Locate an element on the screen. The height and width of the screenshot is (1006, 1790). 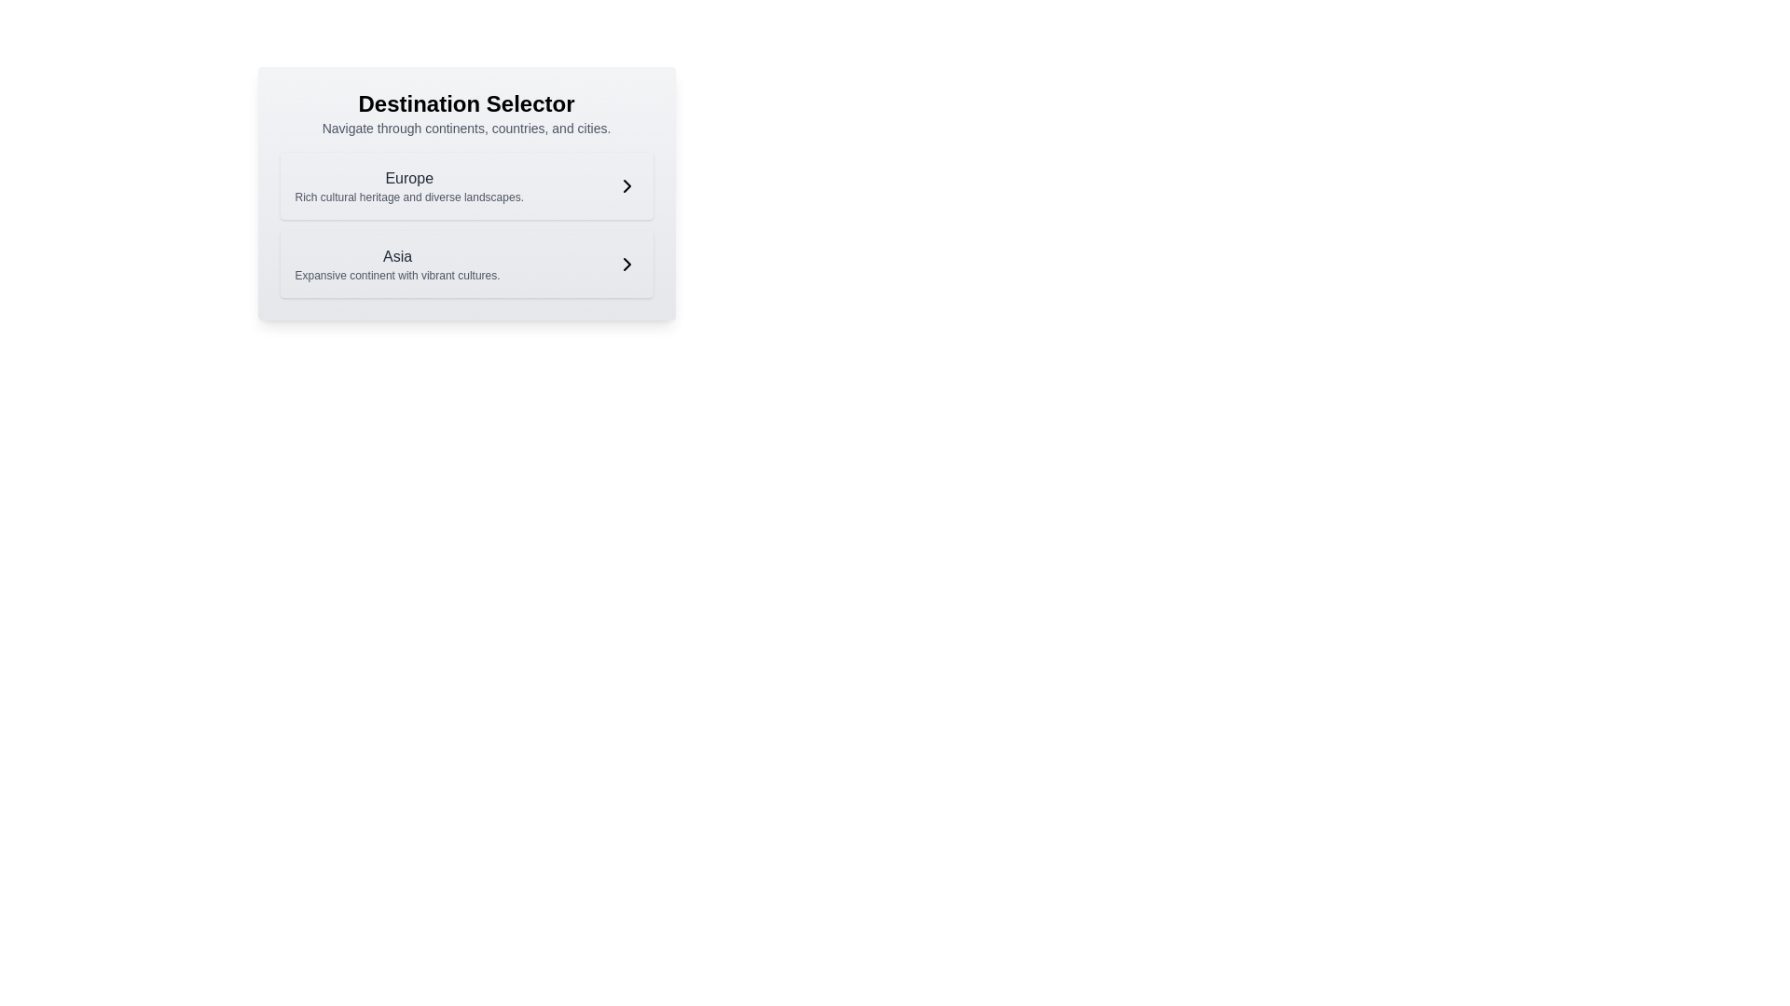
the text component reading 'Expansive continent with vibrant cultures.' located below the label 'Asia' is located at coordinates (396, 276).